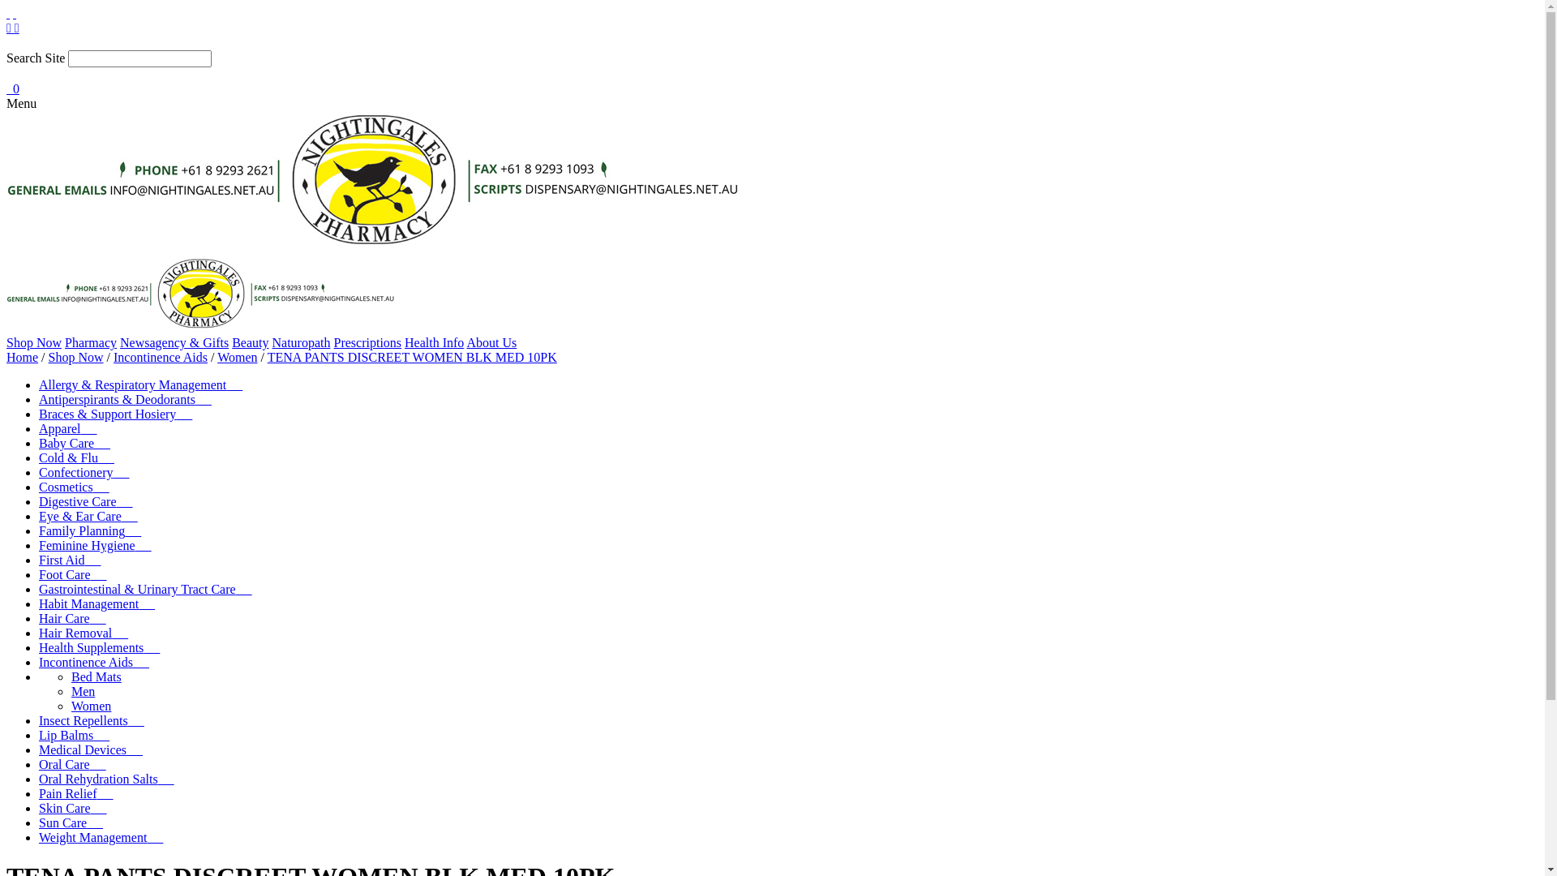 This screenshot has width=1557, height=876. I want to click on 'Instagram', so click(16, 28).